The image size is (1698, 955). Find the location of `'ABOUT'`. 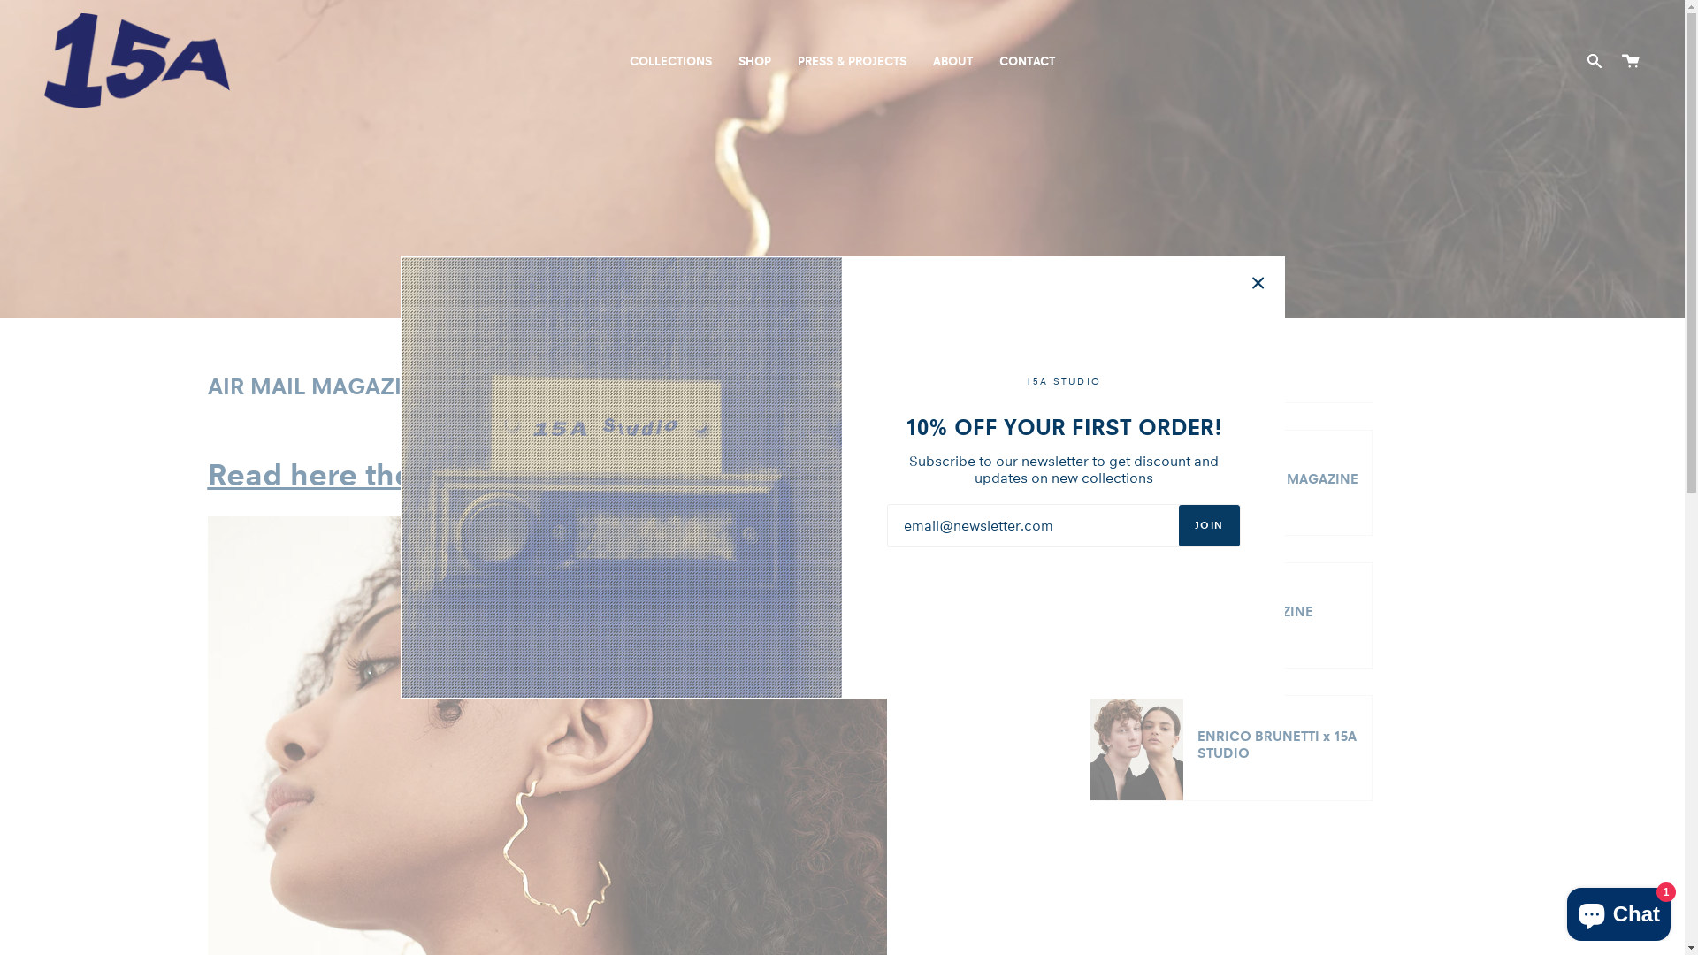

'ABOUT' is located at coordinates (952, 59).